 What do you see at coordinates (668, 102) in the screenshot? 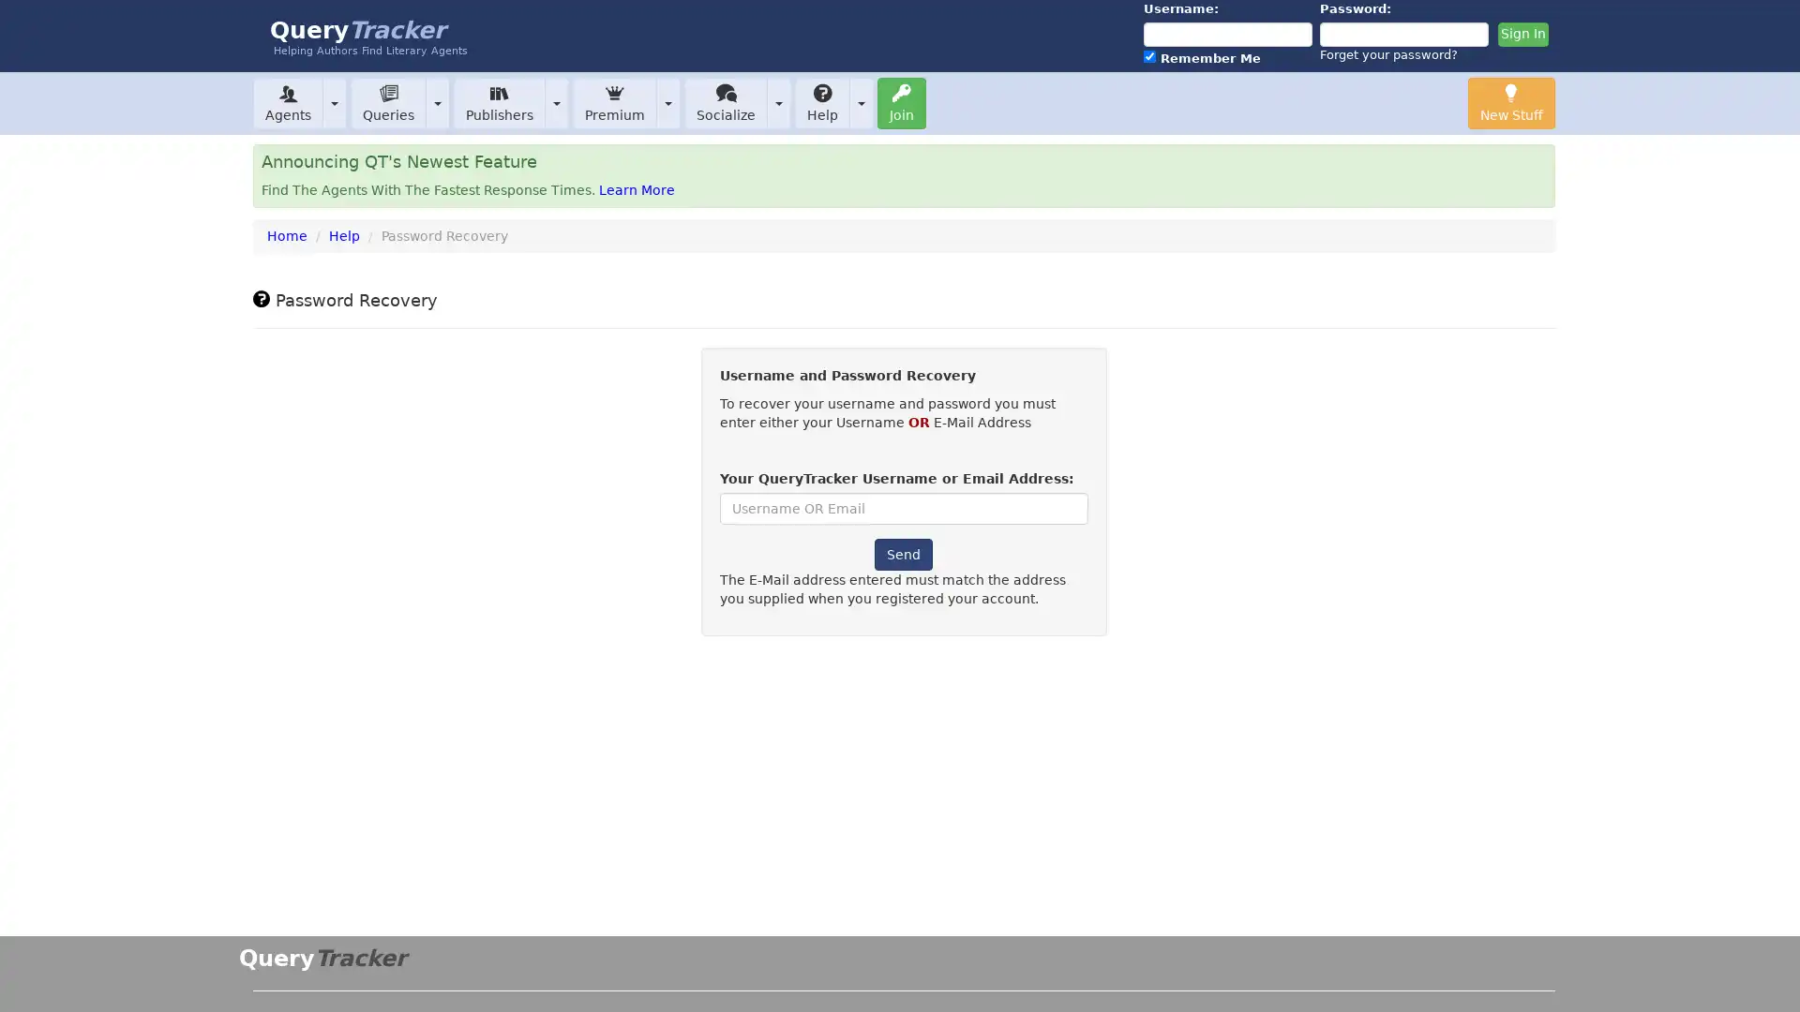
I see `Toggle Dropdown` at bounding box center [668, 102].